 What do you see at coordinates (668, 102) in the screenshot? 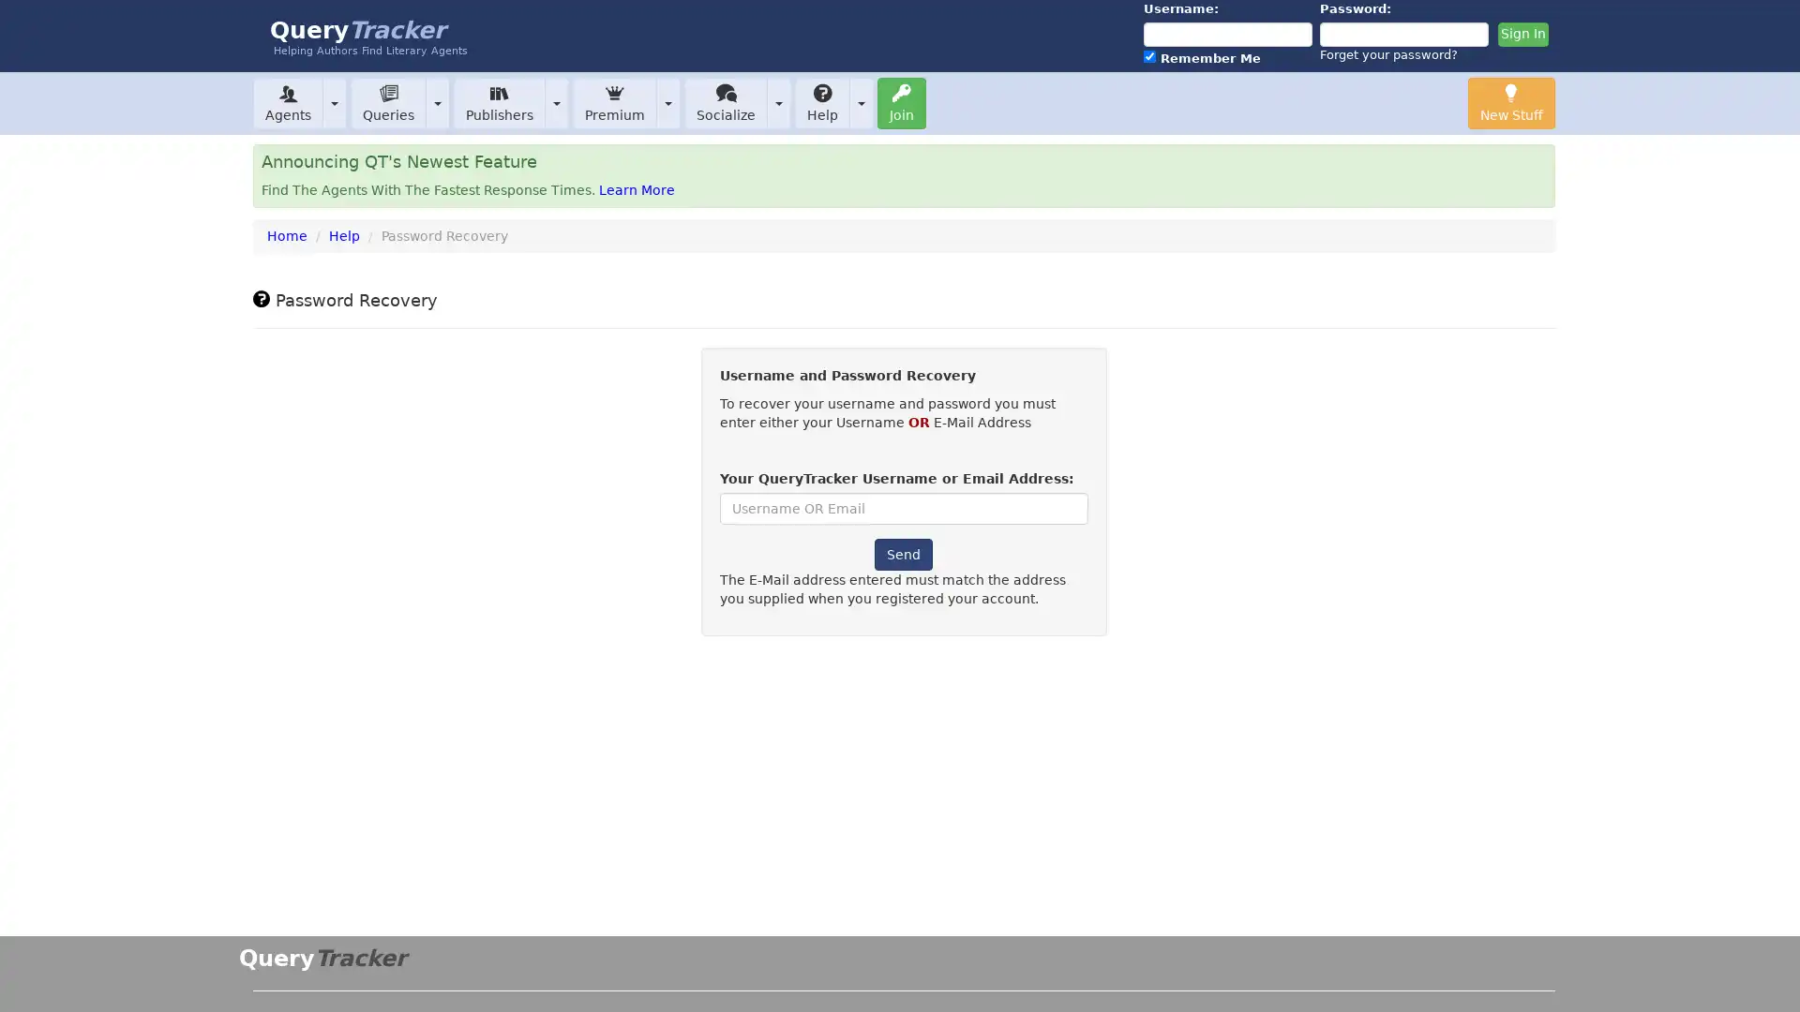
I see `Toggle Dropdown` at bounding box center [668, 102].